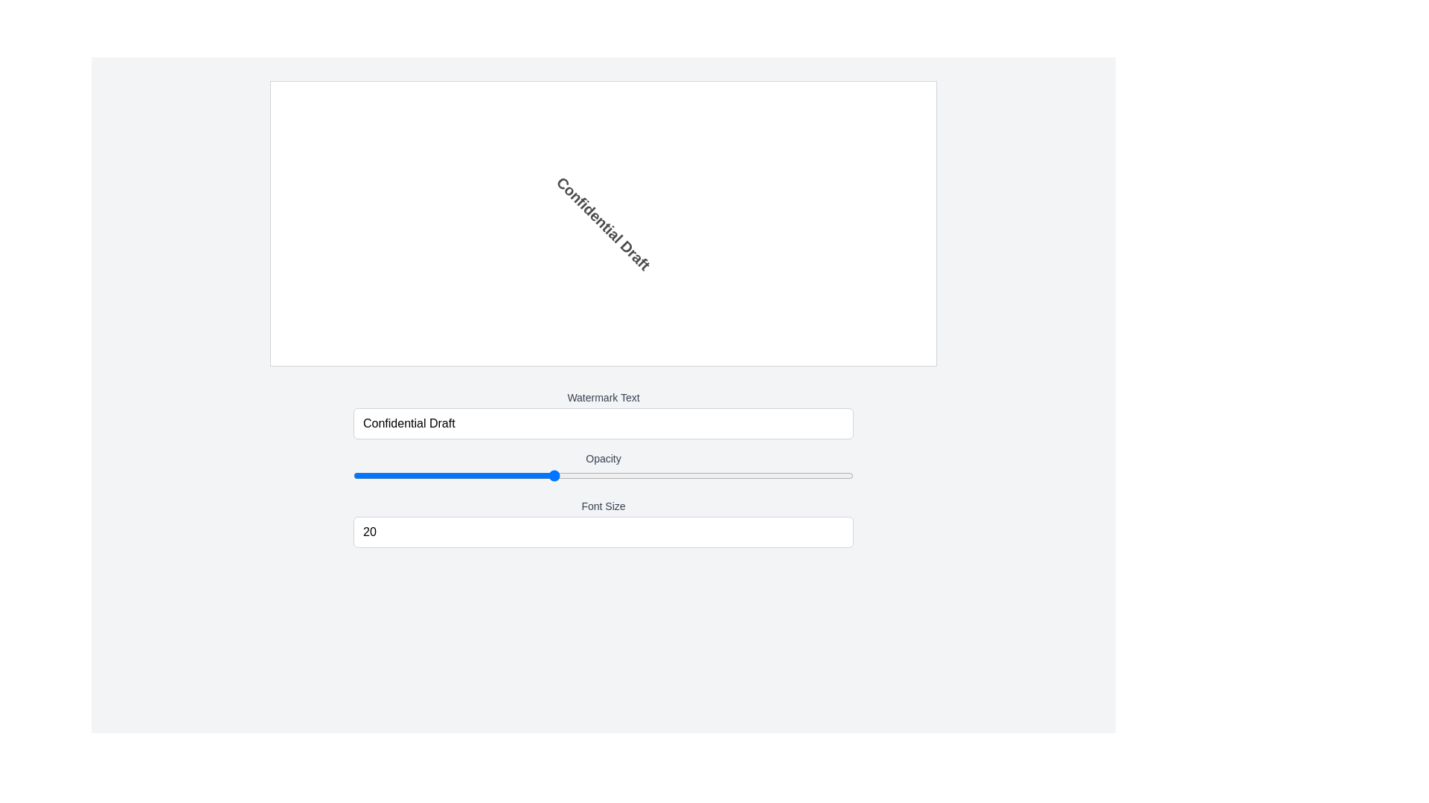 This screenshot has width=1429, height=803. I want to click on to select the content of the Number input box located below the 'Font Size' text, currently set, so click(604, 532).